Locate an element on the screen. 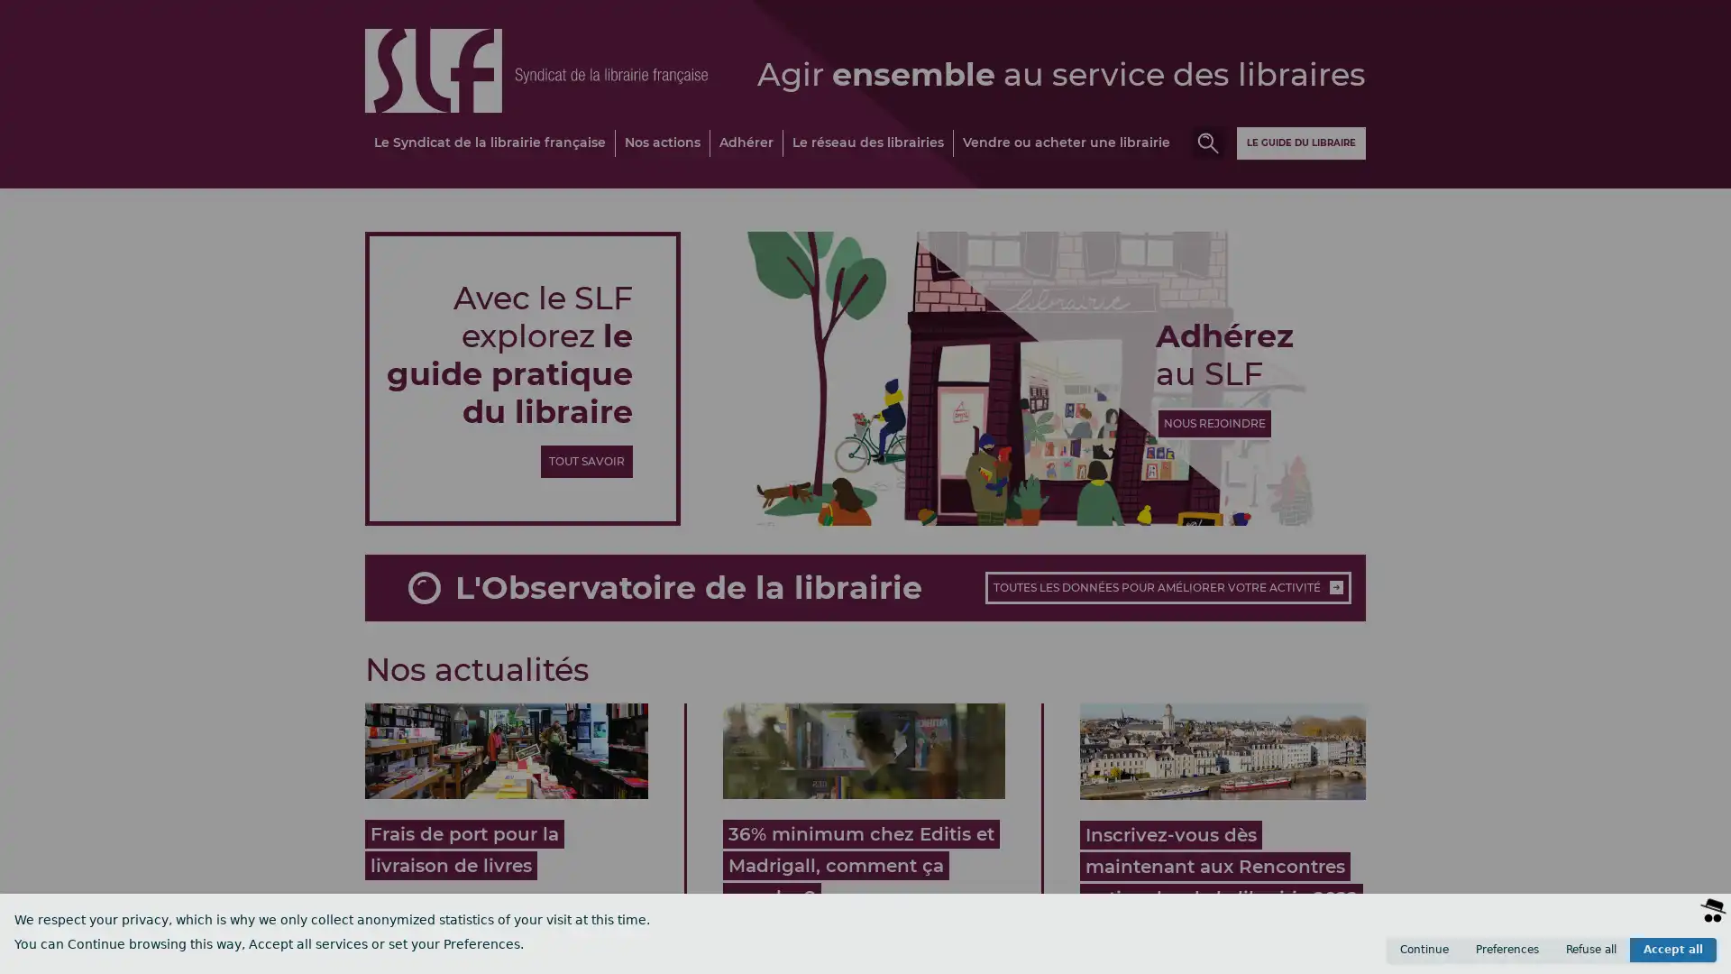 This screenshot has width=1731, height=974. Continue is located at coordinates (1423, 949).